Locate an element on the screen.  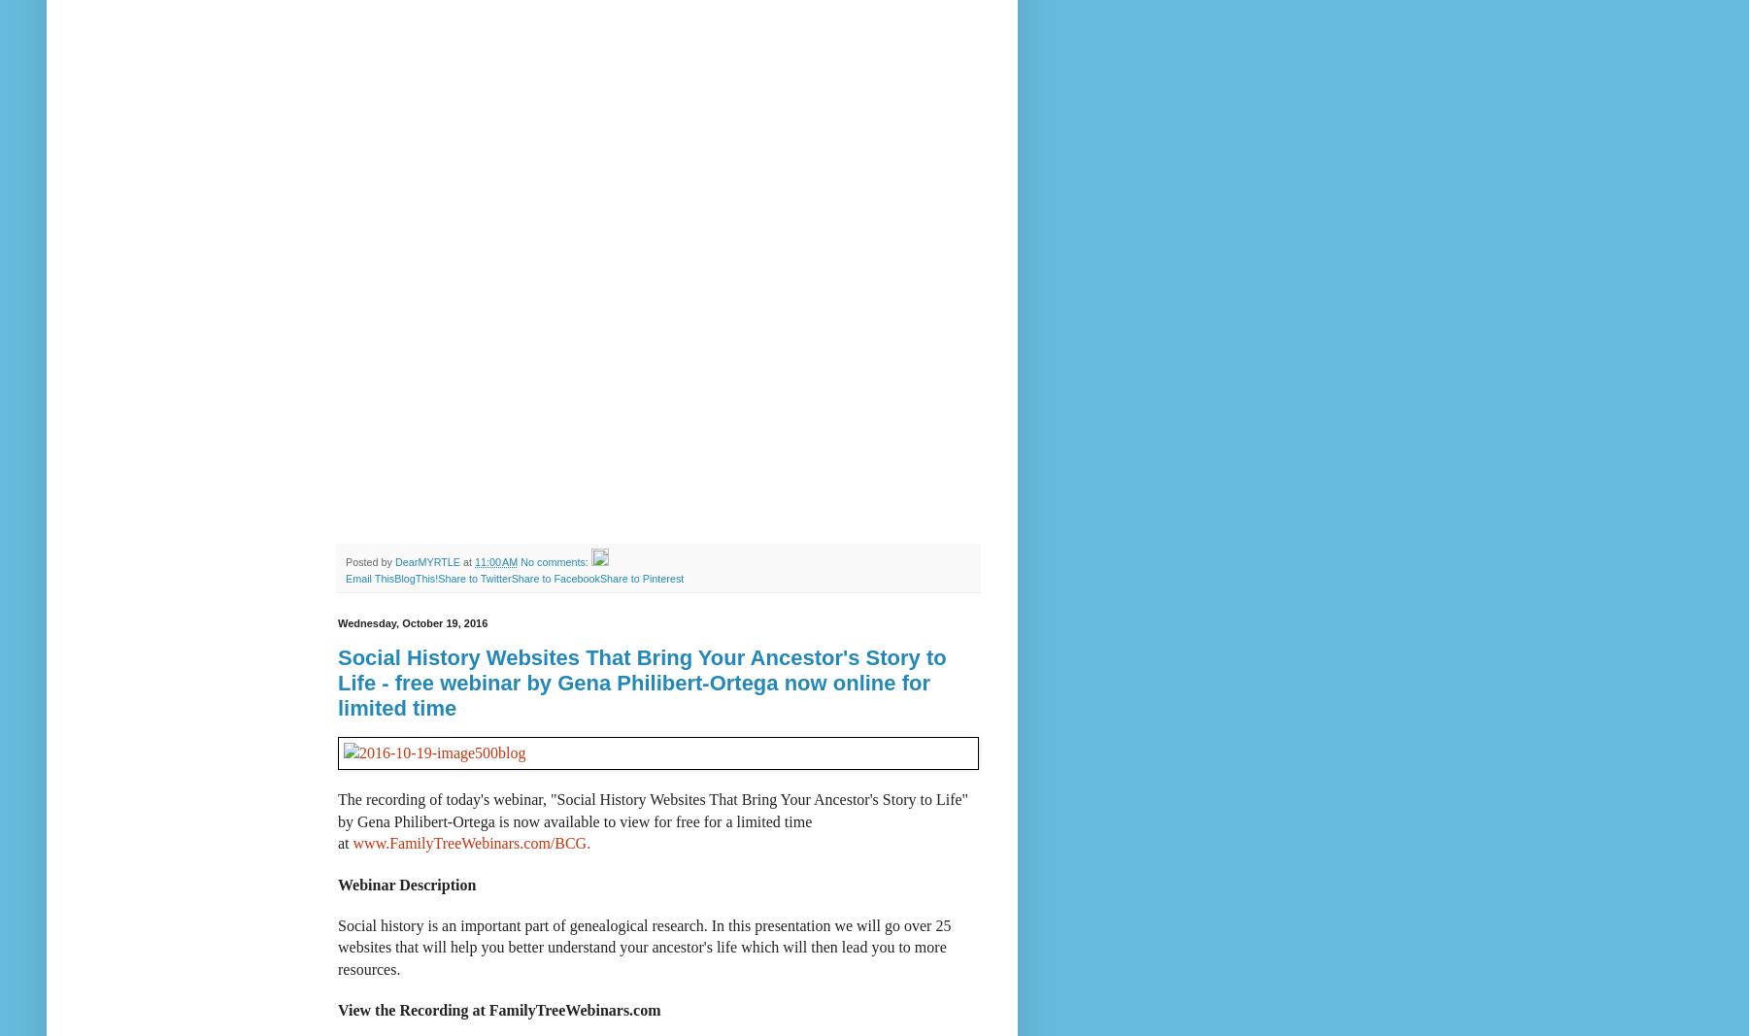
'Social History Websites That Bring Your Ancestor's Story to Life - free webinar by Gena Philibert-Ortega now online for limited time' is located at coordinates (640, 682).